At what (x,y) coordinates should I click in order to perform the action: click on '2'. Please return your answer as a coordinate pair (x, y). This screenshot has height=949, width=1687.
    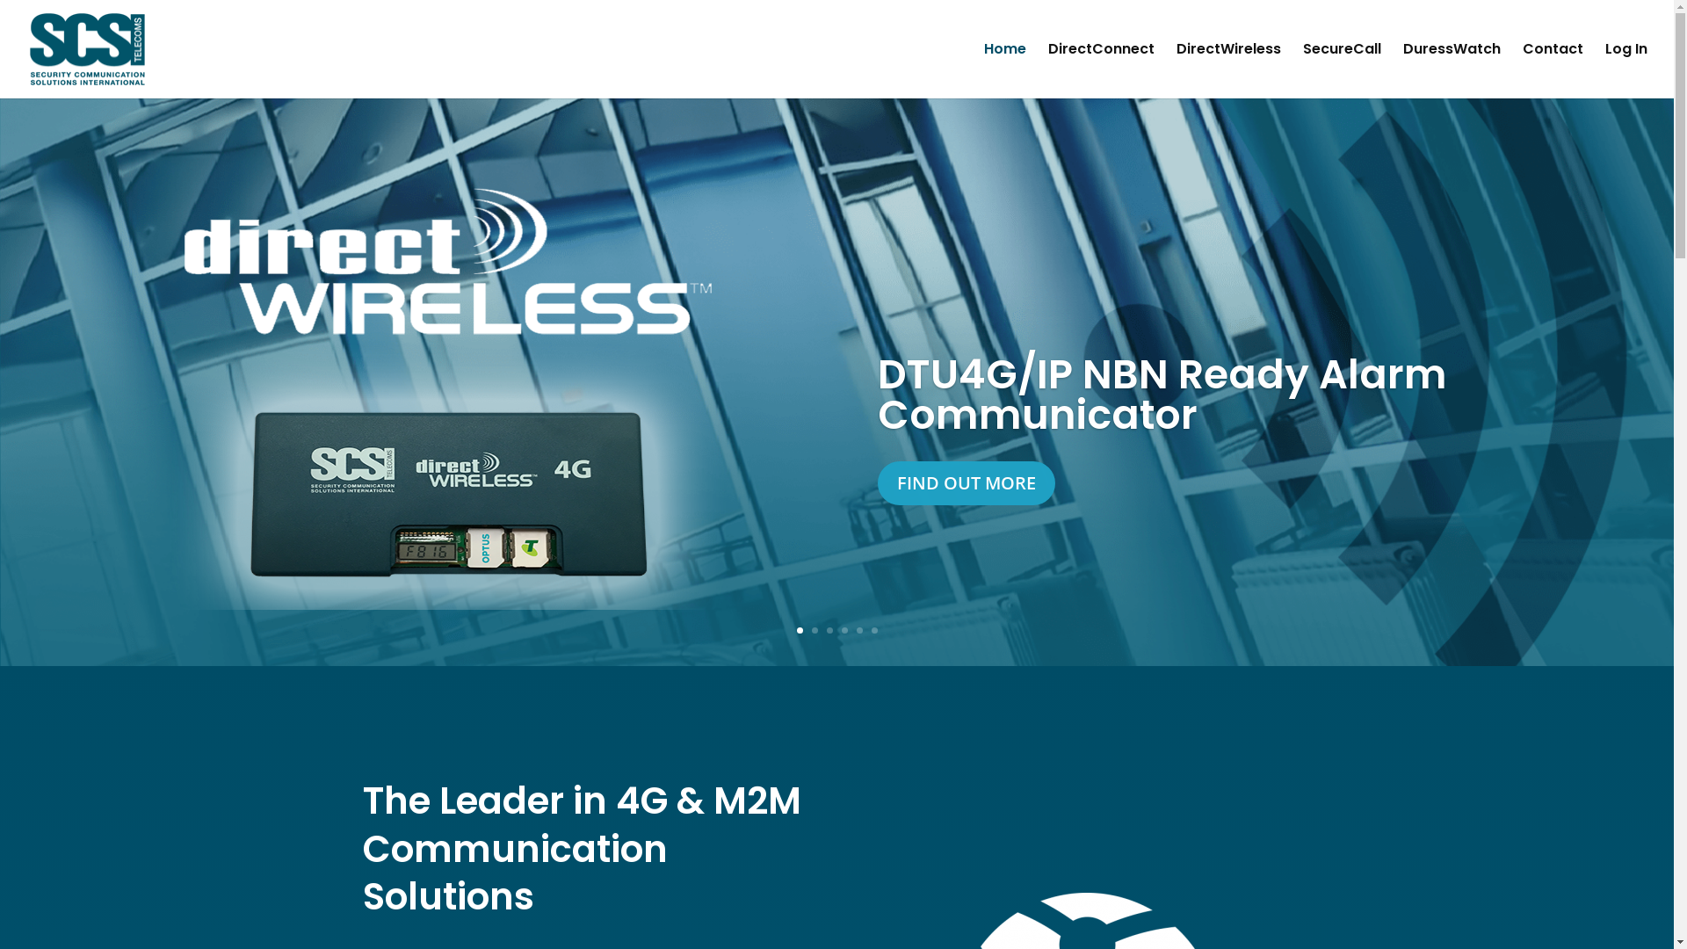
    Looking at the image, I should click on (814, 629).